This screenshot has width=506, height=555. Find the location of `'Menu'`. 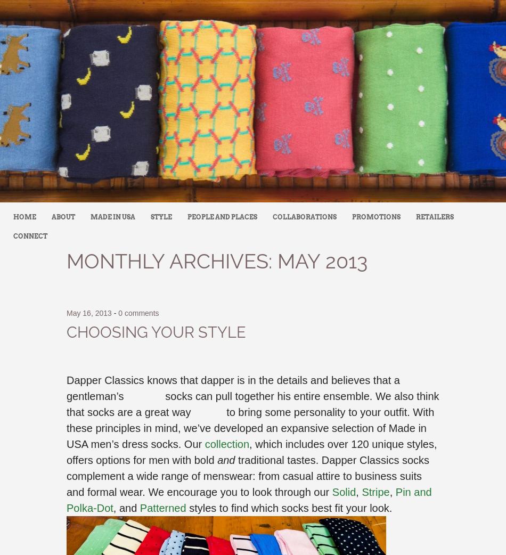

'Menu' is located at coordinates (0, 216).